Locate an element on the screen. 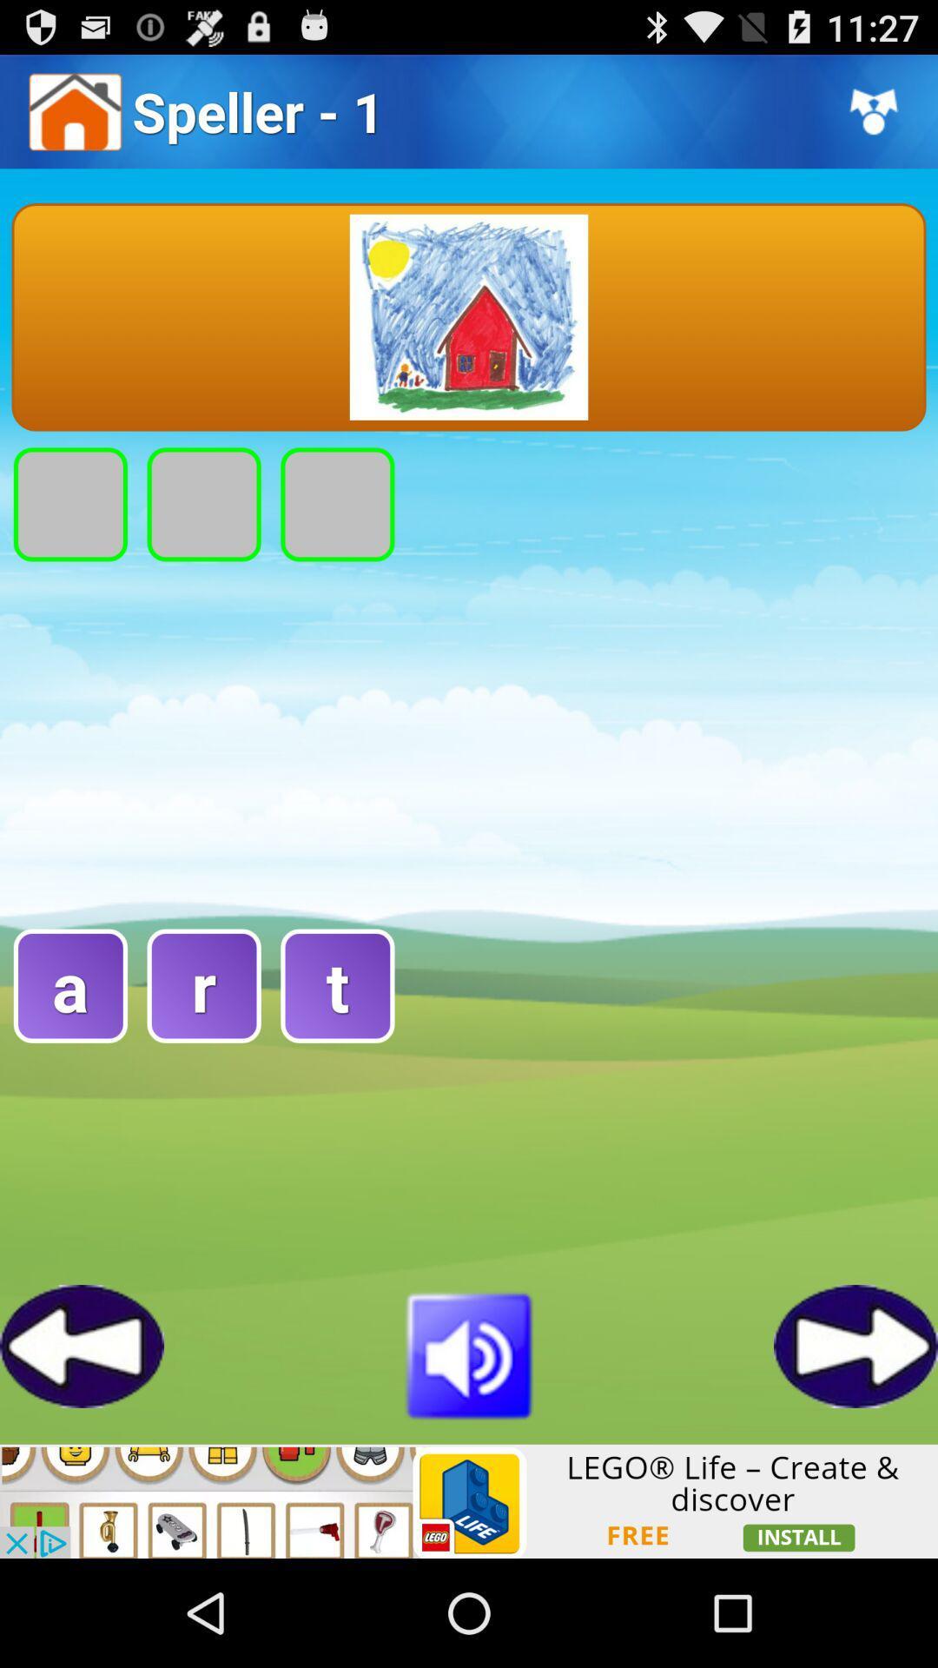  audio is located at coordinates (469, 1352).